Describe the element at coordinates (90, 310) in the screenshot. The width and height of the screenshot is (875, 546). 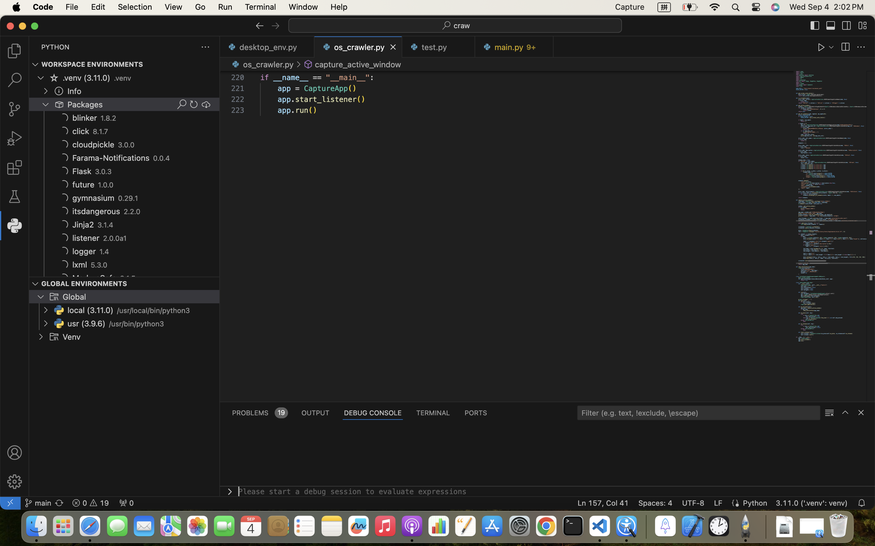
I see `'local (3.11.0)'` at that location.